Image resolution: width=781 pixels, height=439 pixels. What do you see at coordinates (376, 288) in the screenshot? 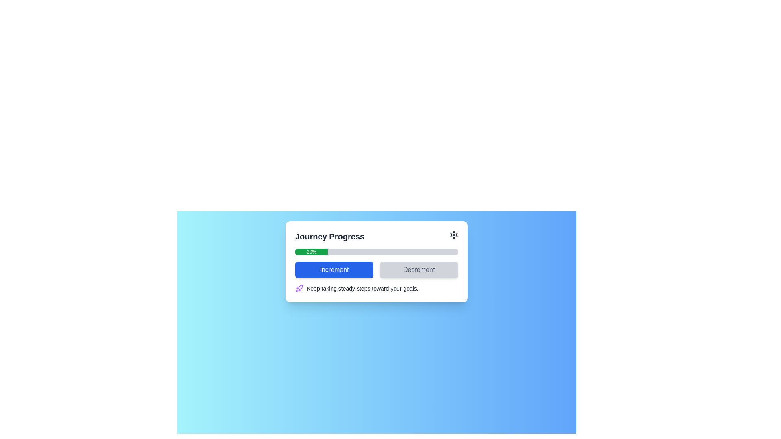
I see `the Text Label with Icon that displays the message 'Keep taking steady steps toward your goals.' and features a purple rocket icon` at bounding box center [376, 288].